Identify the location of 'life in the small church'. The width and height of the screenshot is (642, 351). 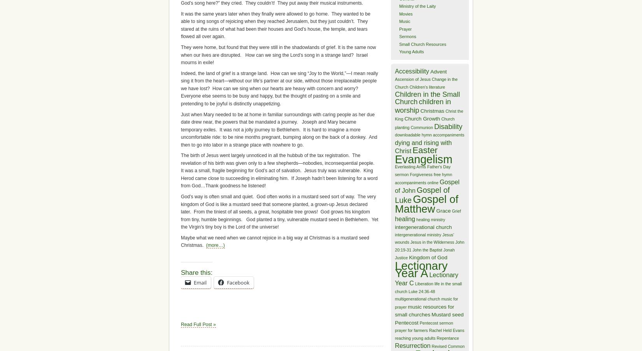
(428, 287).